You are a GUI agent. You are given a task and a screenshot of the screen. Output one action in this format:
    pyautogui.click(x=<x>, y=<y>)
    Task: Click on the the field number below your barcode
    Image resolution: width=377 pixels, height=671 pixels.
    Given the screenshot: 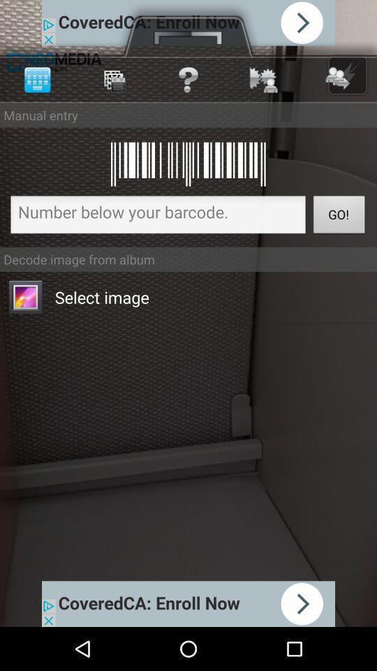 What is the action you would take?
    pyautogui.click(x=157, y=217)
    